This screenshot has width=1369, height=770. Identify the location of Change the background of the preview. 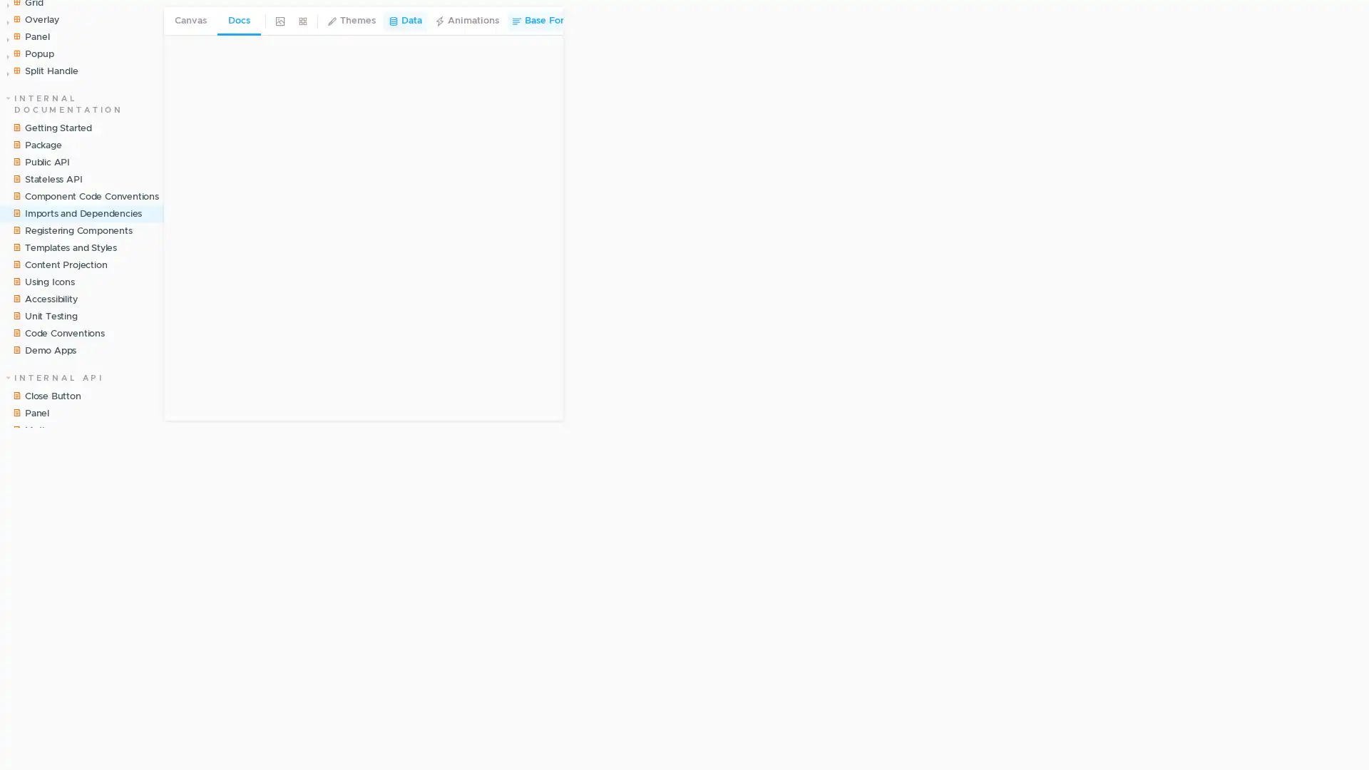
(280, 21).